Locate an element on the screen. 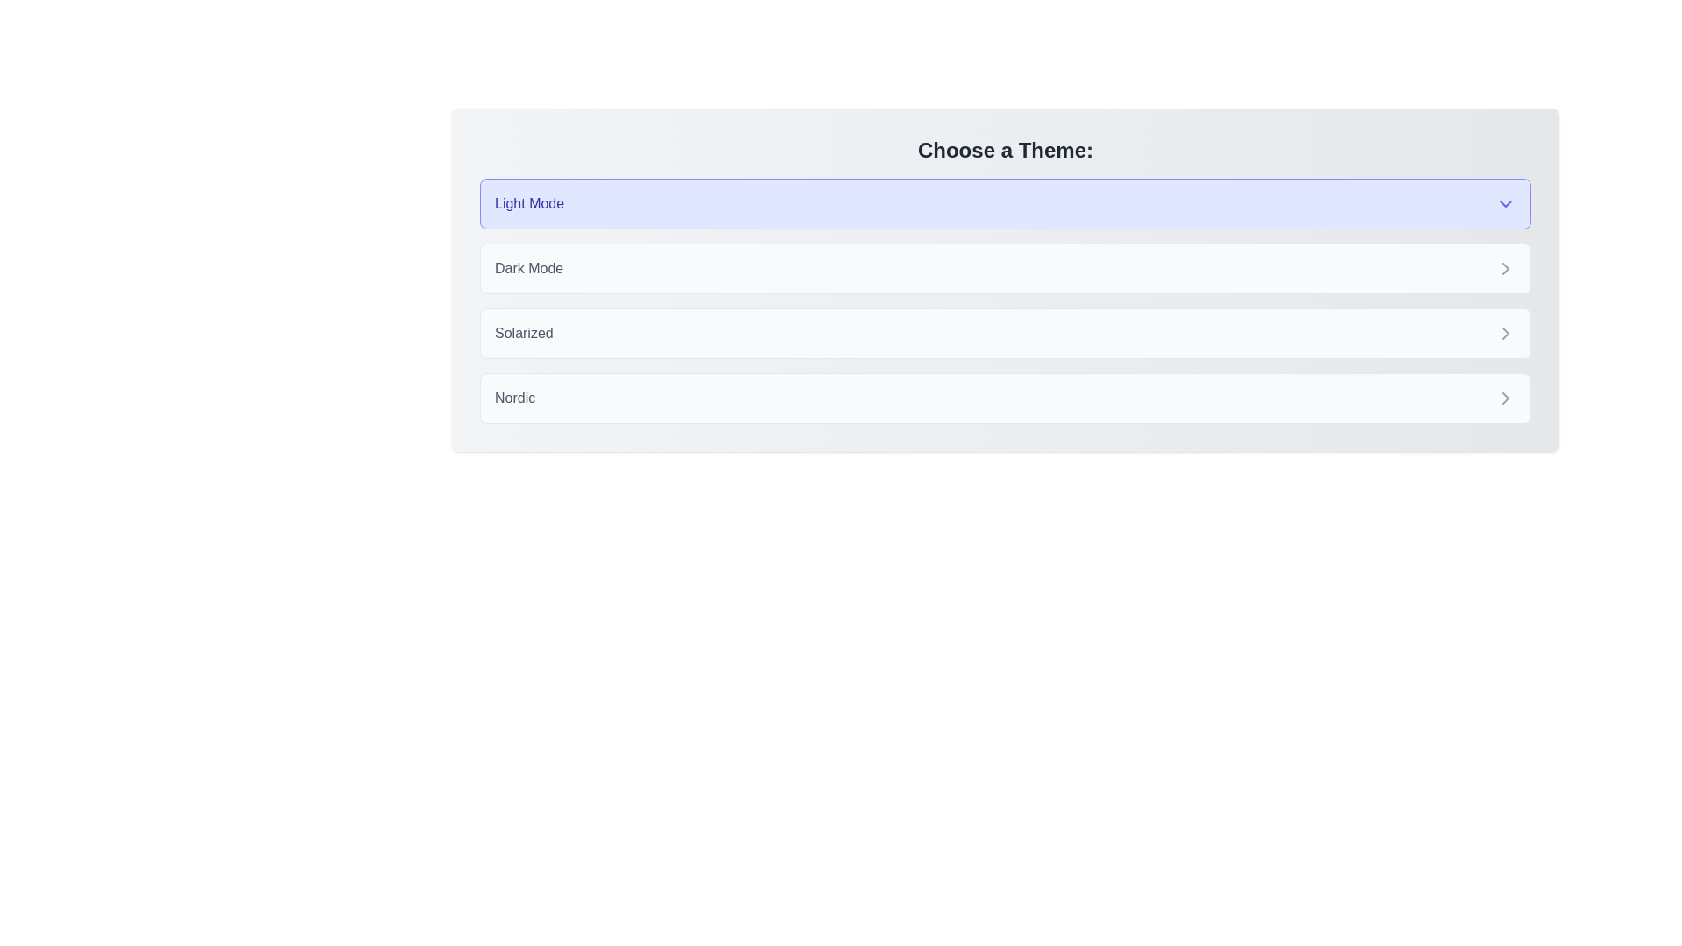  the theme Dark Mode by clicking on its corresponding chip is located at coordinates (1005, 269).